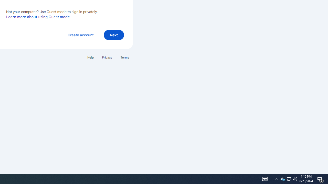 Image resolution: width=328 pixels, height=184 pixels. I want to click on 'Privacy', so click(107, 57).